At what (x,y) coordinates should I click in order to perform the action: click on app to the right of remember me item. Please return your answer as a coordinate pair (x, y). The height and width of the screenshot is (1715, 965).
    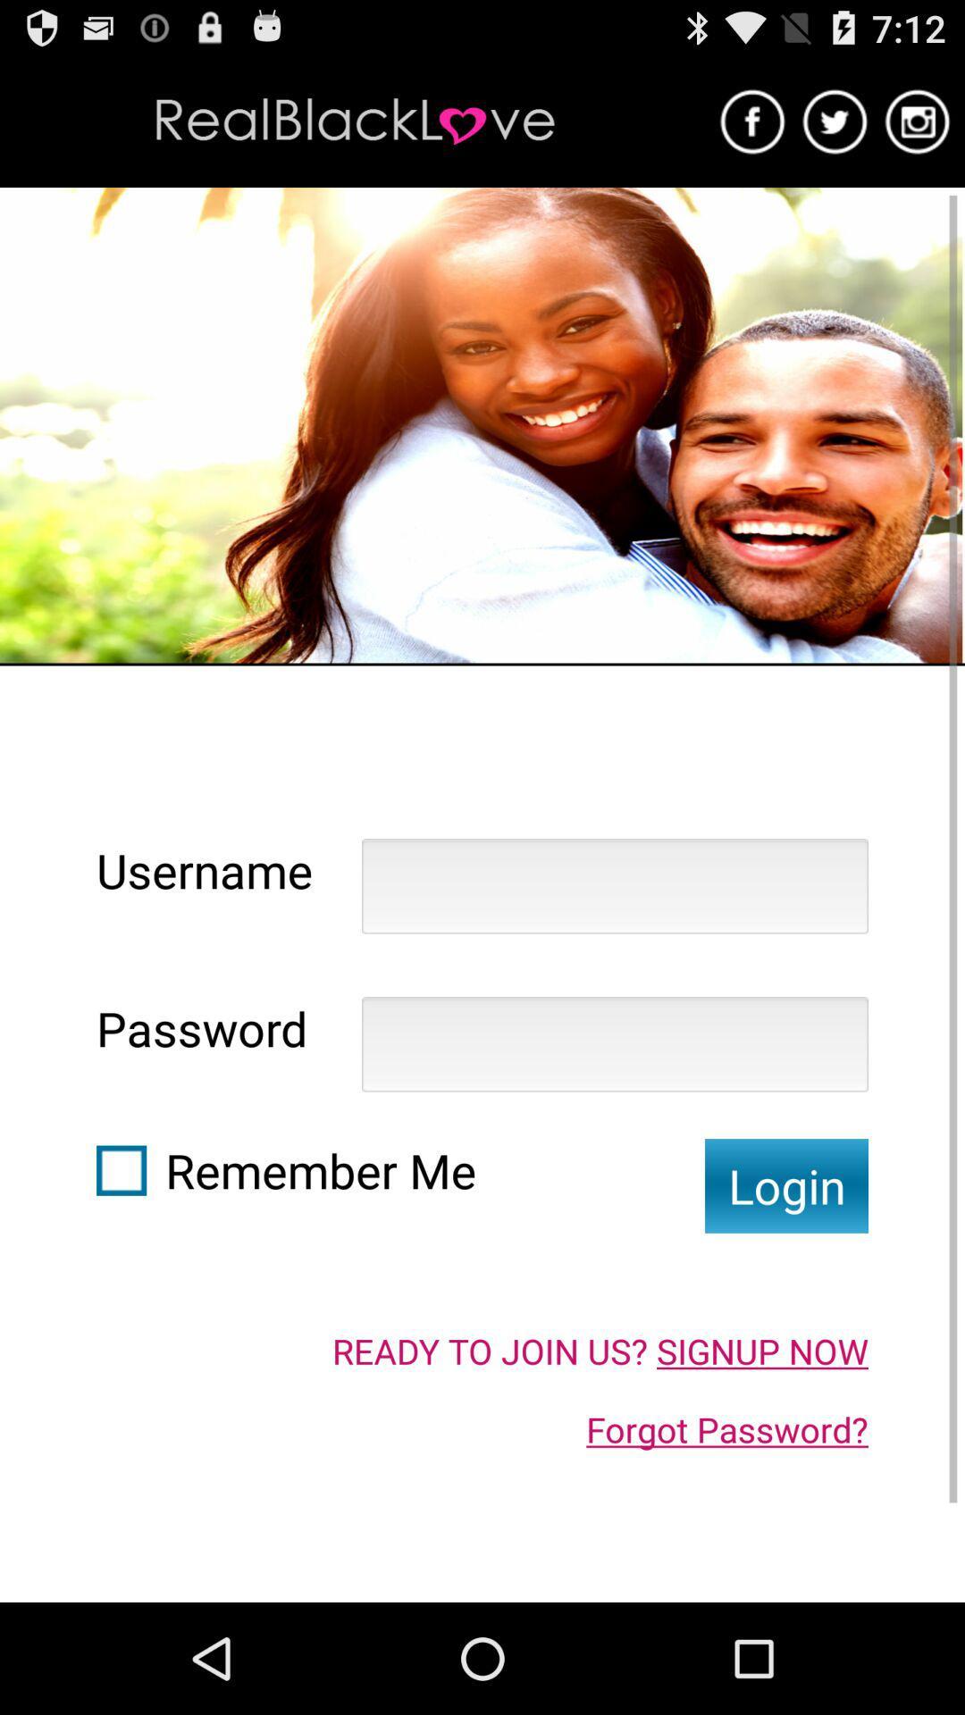
    Looking at the image, I should click on (785, 1185).